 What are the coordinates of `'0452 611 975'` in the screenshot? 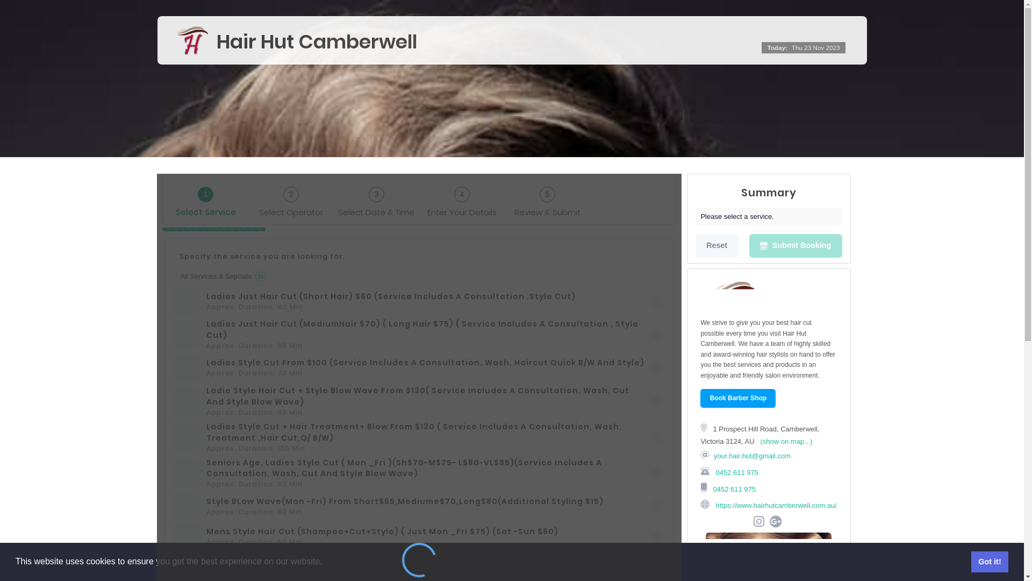 It's located at (733, 488).